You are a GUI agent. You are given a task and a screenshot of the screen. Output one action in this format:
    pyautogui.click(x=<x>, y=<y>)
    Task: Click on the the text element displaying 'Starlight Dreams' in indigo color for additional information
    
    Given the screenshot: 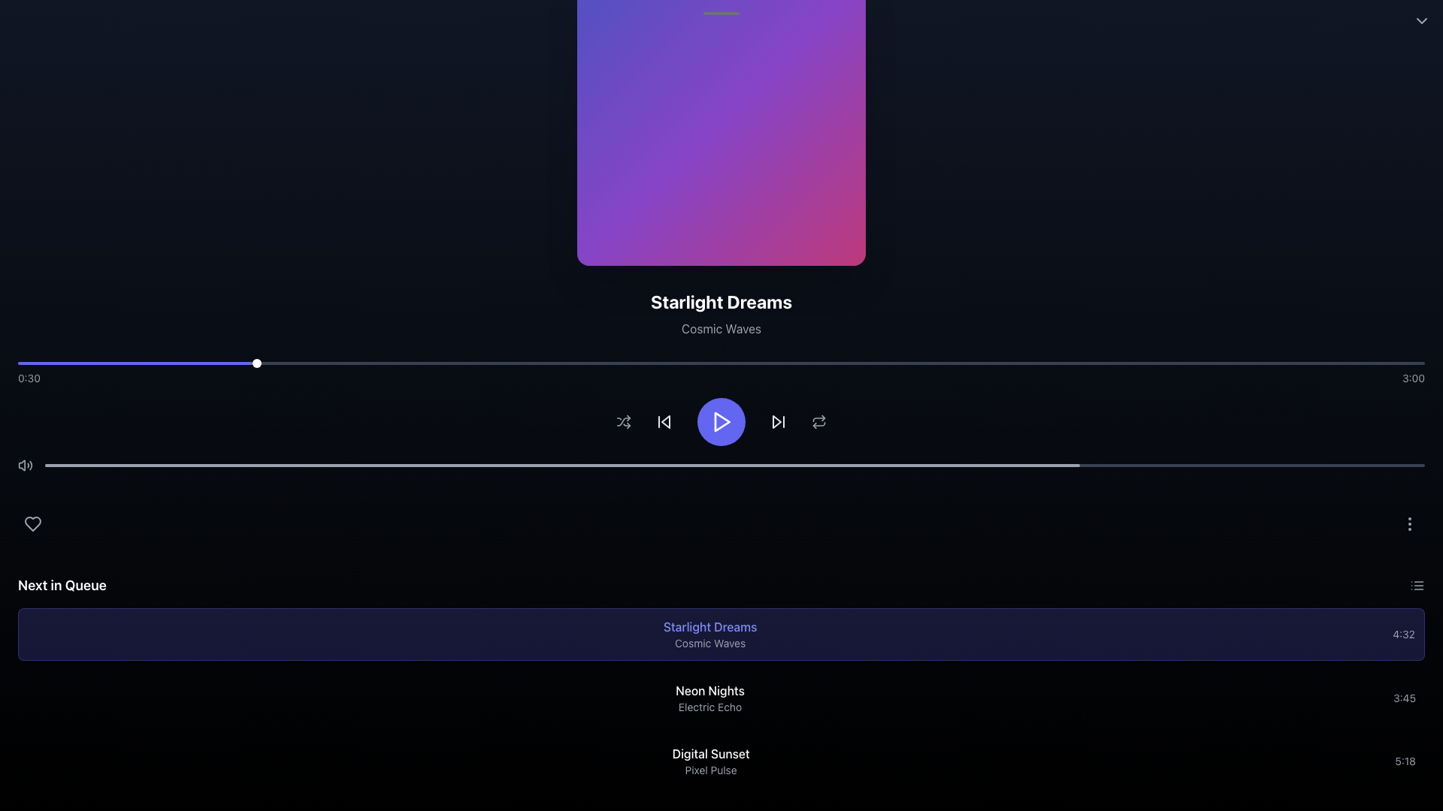 What is the action you would take?
    pyautogui.click(x=709, y=626)
    